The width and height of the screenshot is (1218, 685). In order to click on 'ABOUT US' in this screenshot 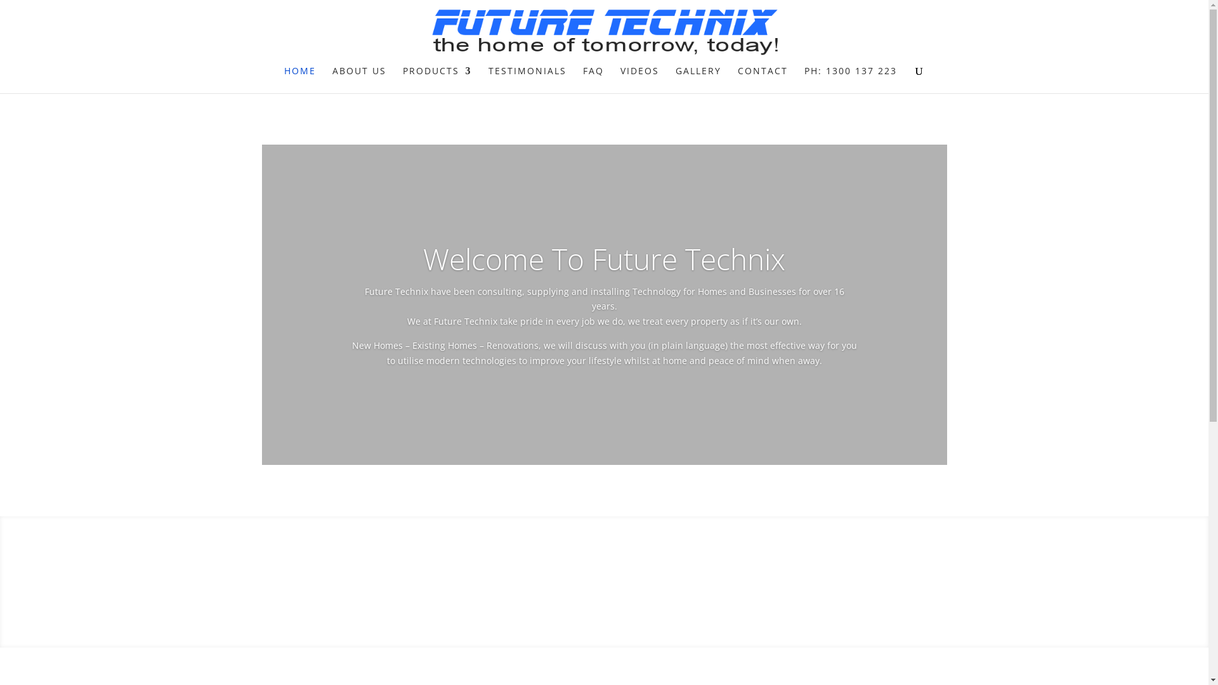, I will do `click(358, 80)`.